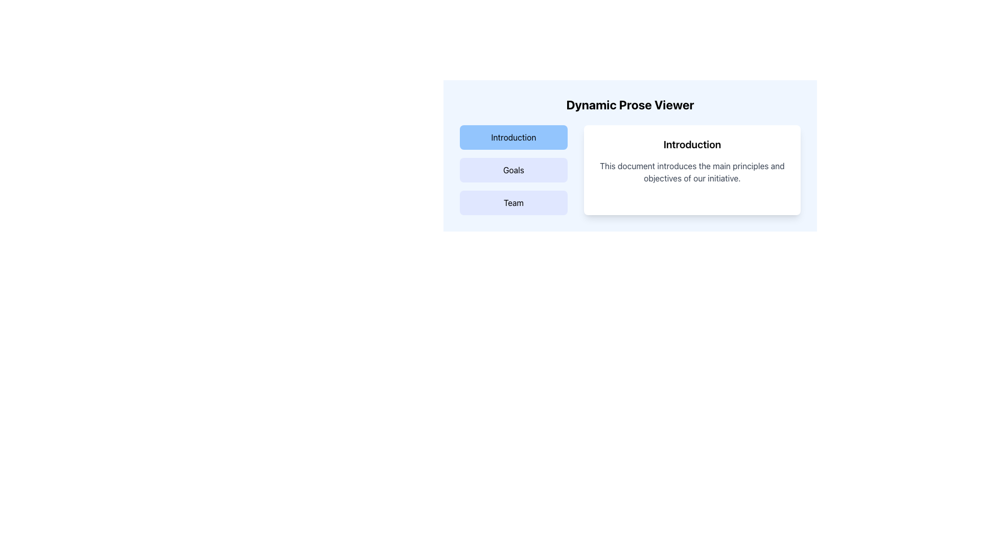  I want to click on the 'Introduction' button located at the top left of the vertical list of three buttons, so click(513, 137).